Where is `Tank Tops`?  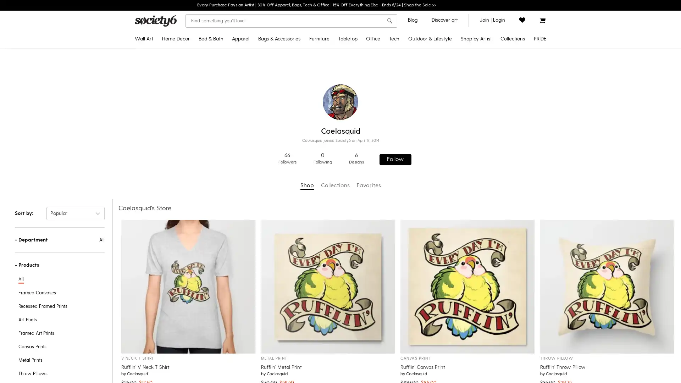 Tank Tops is located at coordinates (263, 125).